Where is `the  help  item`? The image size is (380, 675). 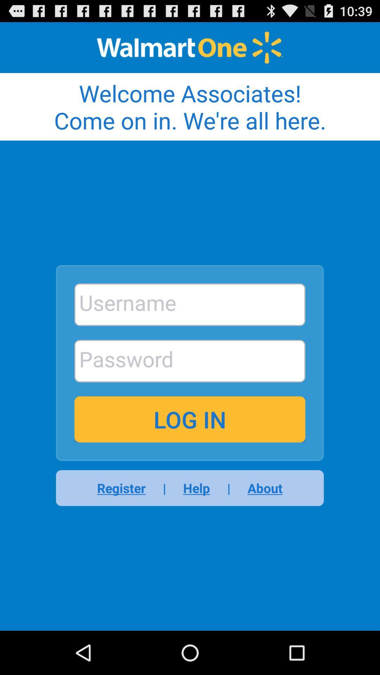
the  help  item is located at coordinates (196, 488).